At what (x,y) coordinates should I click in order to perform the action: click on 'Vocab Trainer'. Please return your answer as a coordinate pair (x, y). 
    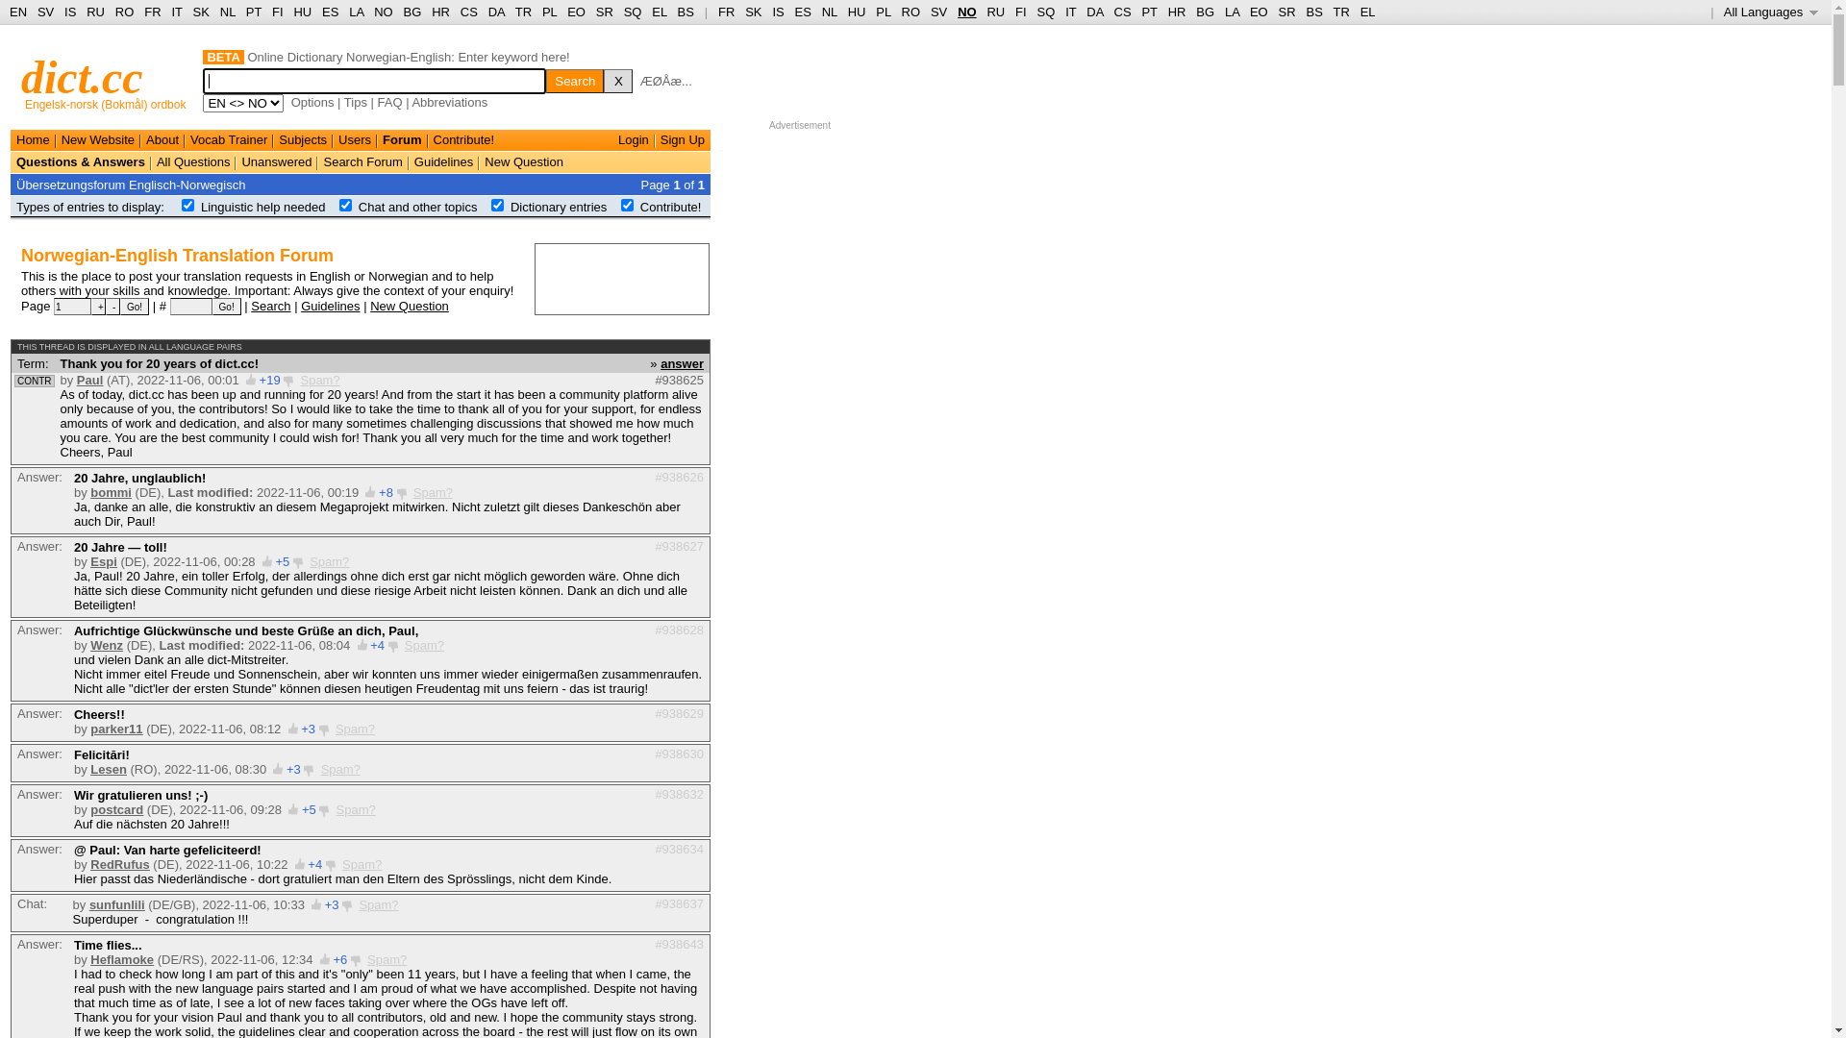
    Looking at the image, I should click on (229, 138).